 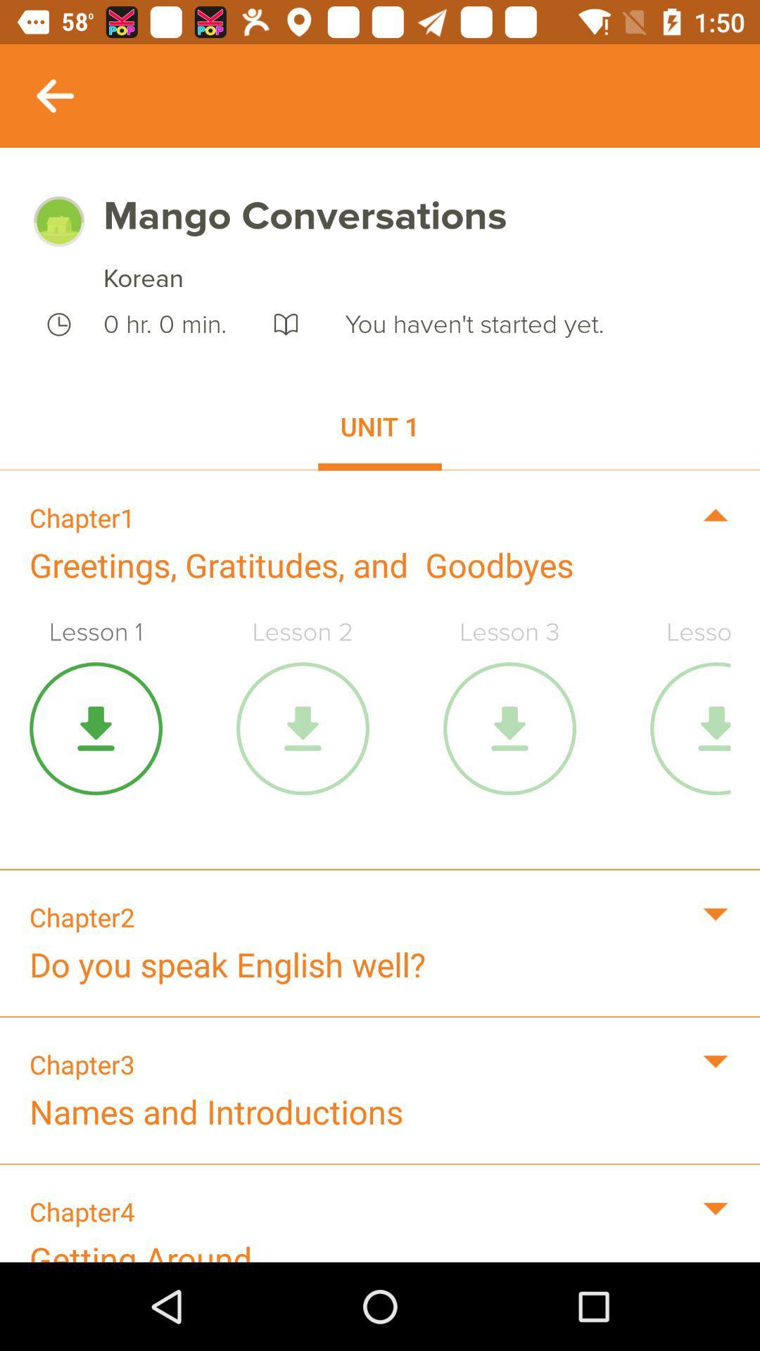 What do you see at coordinates (54, 95) in the screenshot?
I see `previous` at bounding box center [54, 95].